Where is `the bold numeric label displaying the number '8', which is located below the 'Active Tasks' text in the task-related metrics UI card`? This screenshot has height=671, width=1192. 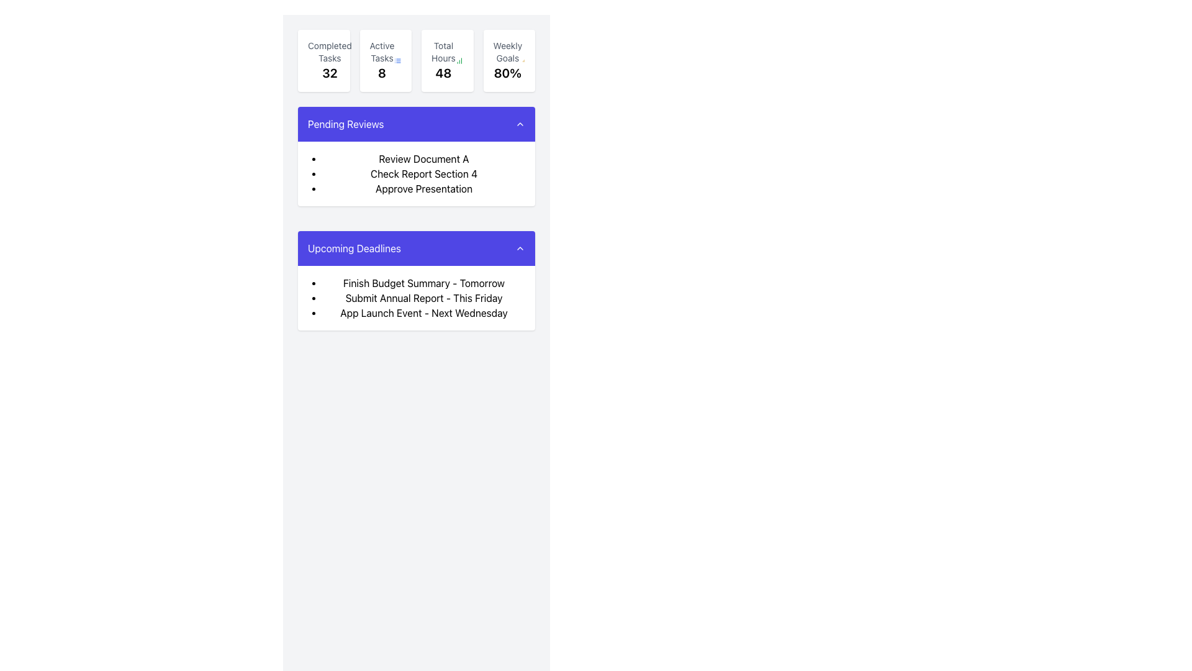
the bold numeric label displaying the number '8', which is located below the 'Active Tasks' text in the task-related metrics UI card is located at coordinates (381, 73).